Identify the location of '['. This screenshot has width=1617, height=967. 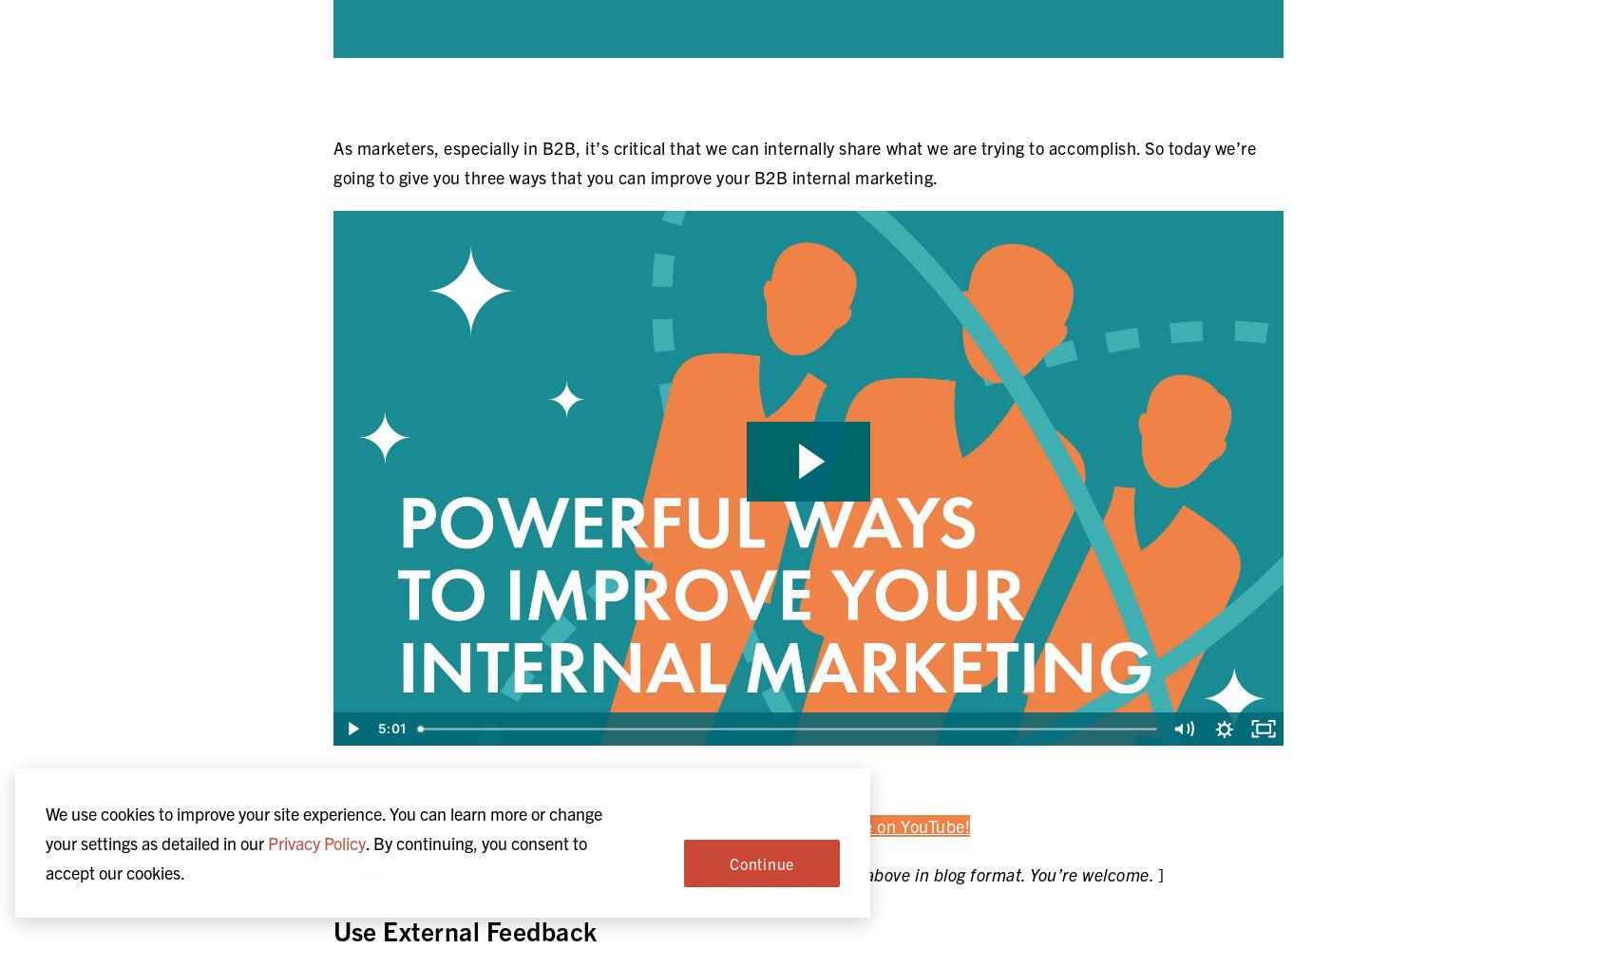
(338, 872).